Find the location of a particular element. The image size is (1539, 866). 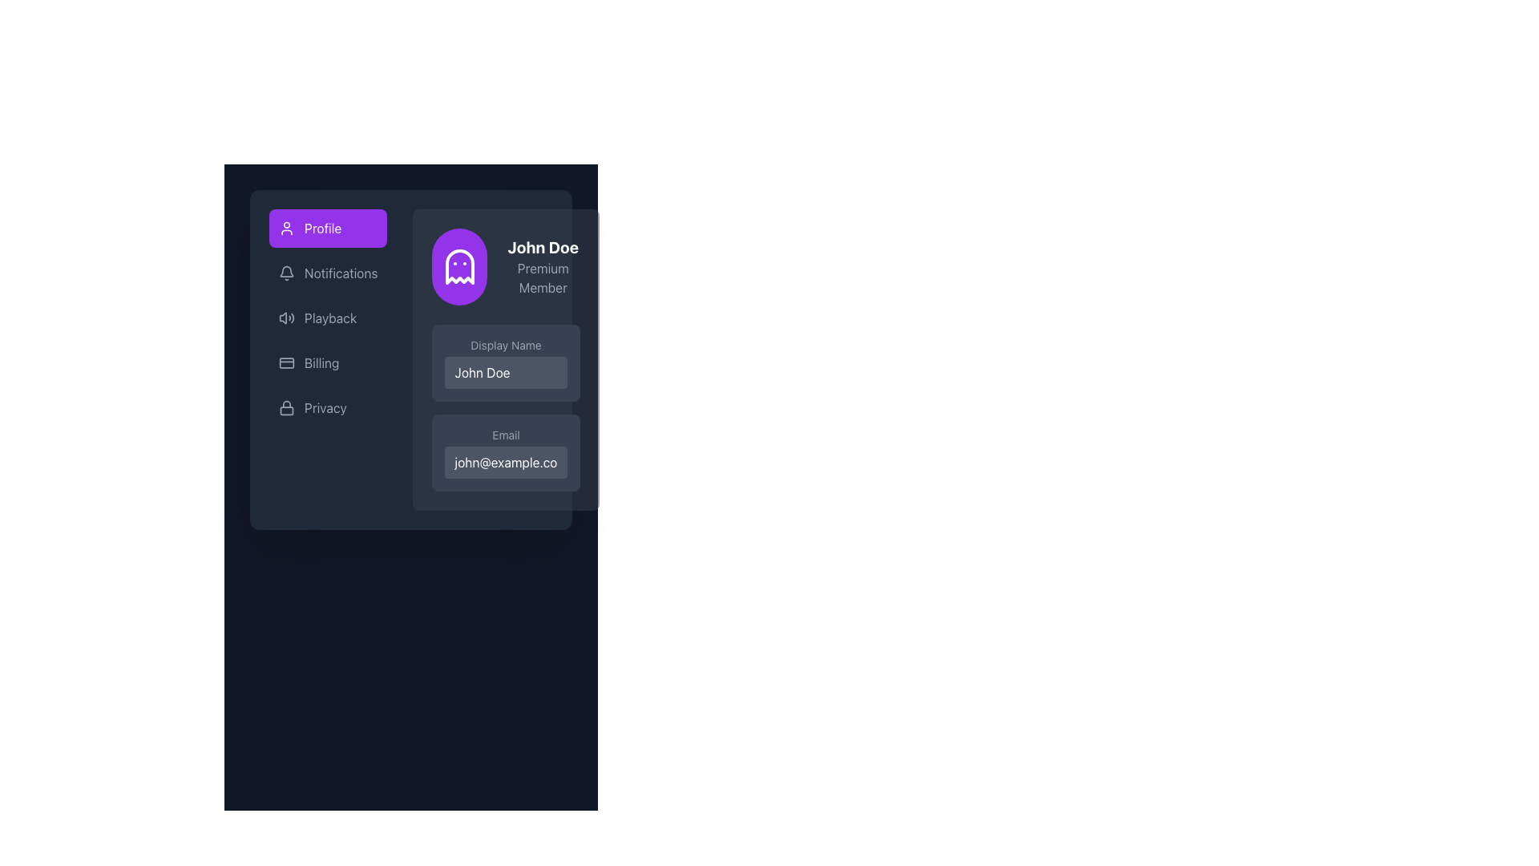

the 'Playback' button, which is styled with a gray text color and features a speaker icon, located between the 'Notifications' and 'Billing' items in the navigation list is located at coordinates (327, 318).